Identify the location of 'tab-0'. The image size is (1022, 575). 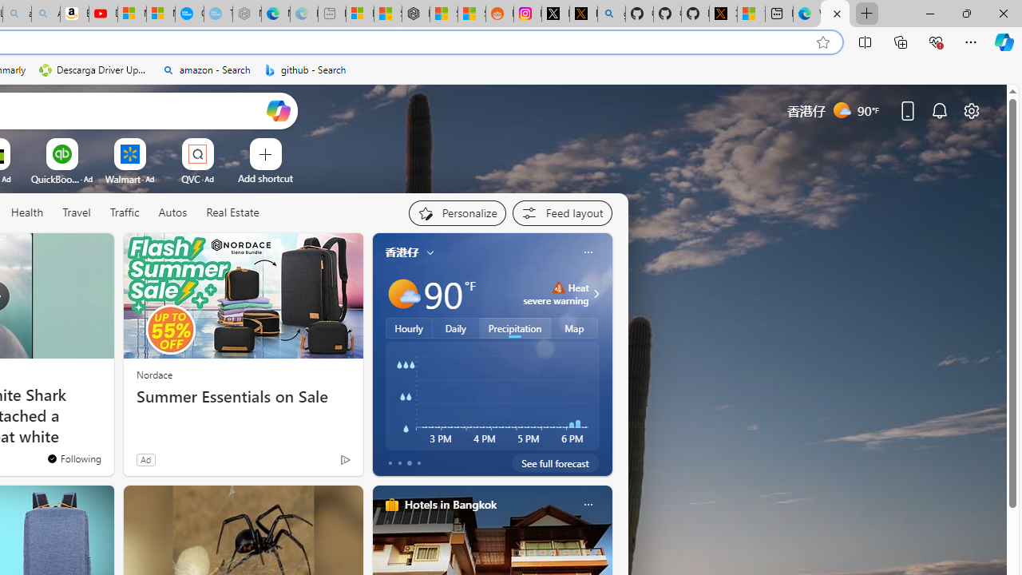
(390, 462).